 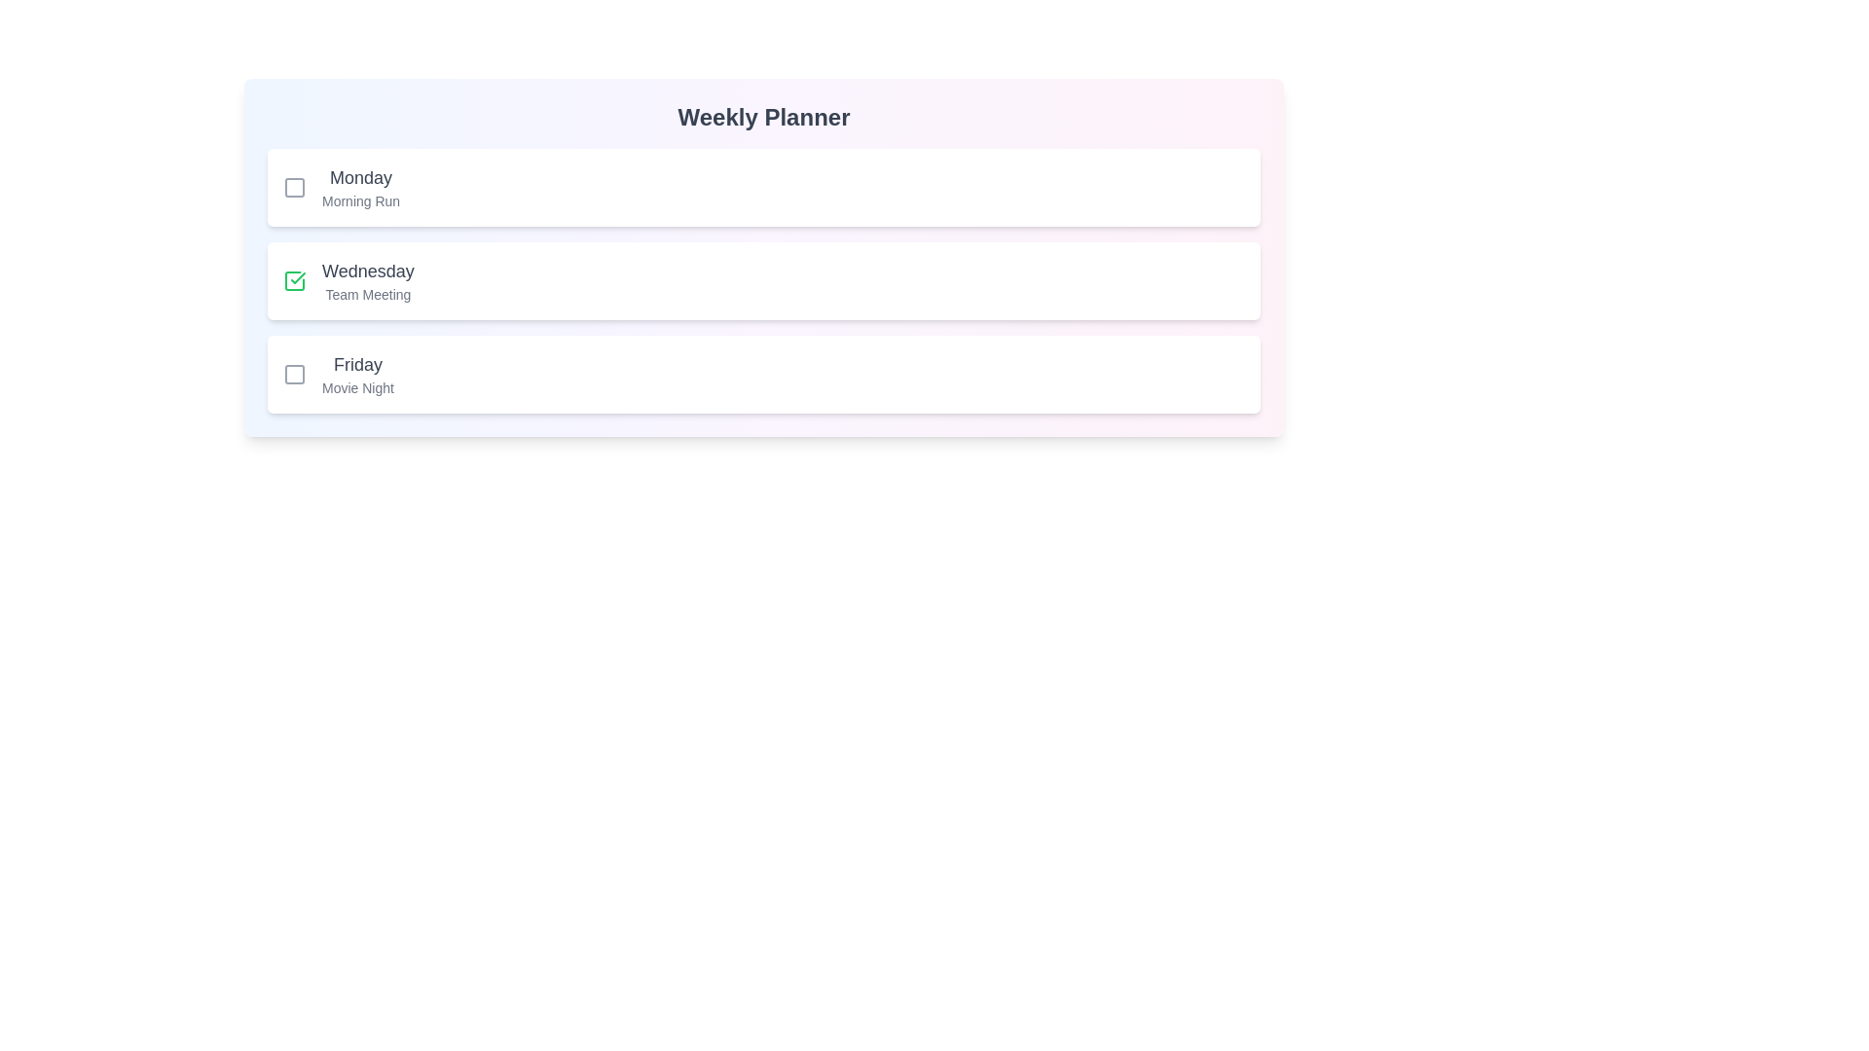 I want to click on the activity description text to highlight it, so click(x=360, y=201).